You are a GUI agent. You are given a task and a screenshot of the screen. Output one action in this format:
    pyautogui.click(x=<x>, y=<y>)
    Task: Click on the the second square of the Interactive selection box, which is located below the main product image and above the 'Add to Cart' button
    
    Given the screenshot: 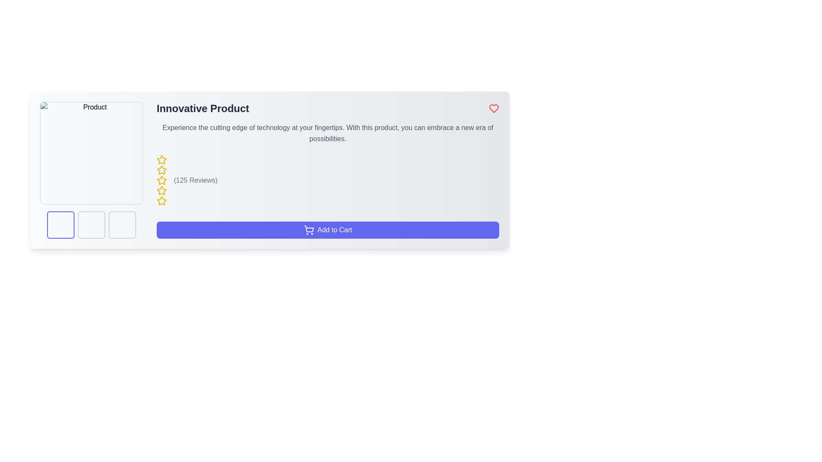 What is the action you would take?
    pyautogui.click(x=92, y=224)
    